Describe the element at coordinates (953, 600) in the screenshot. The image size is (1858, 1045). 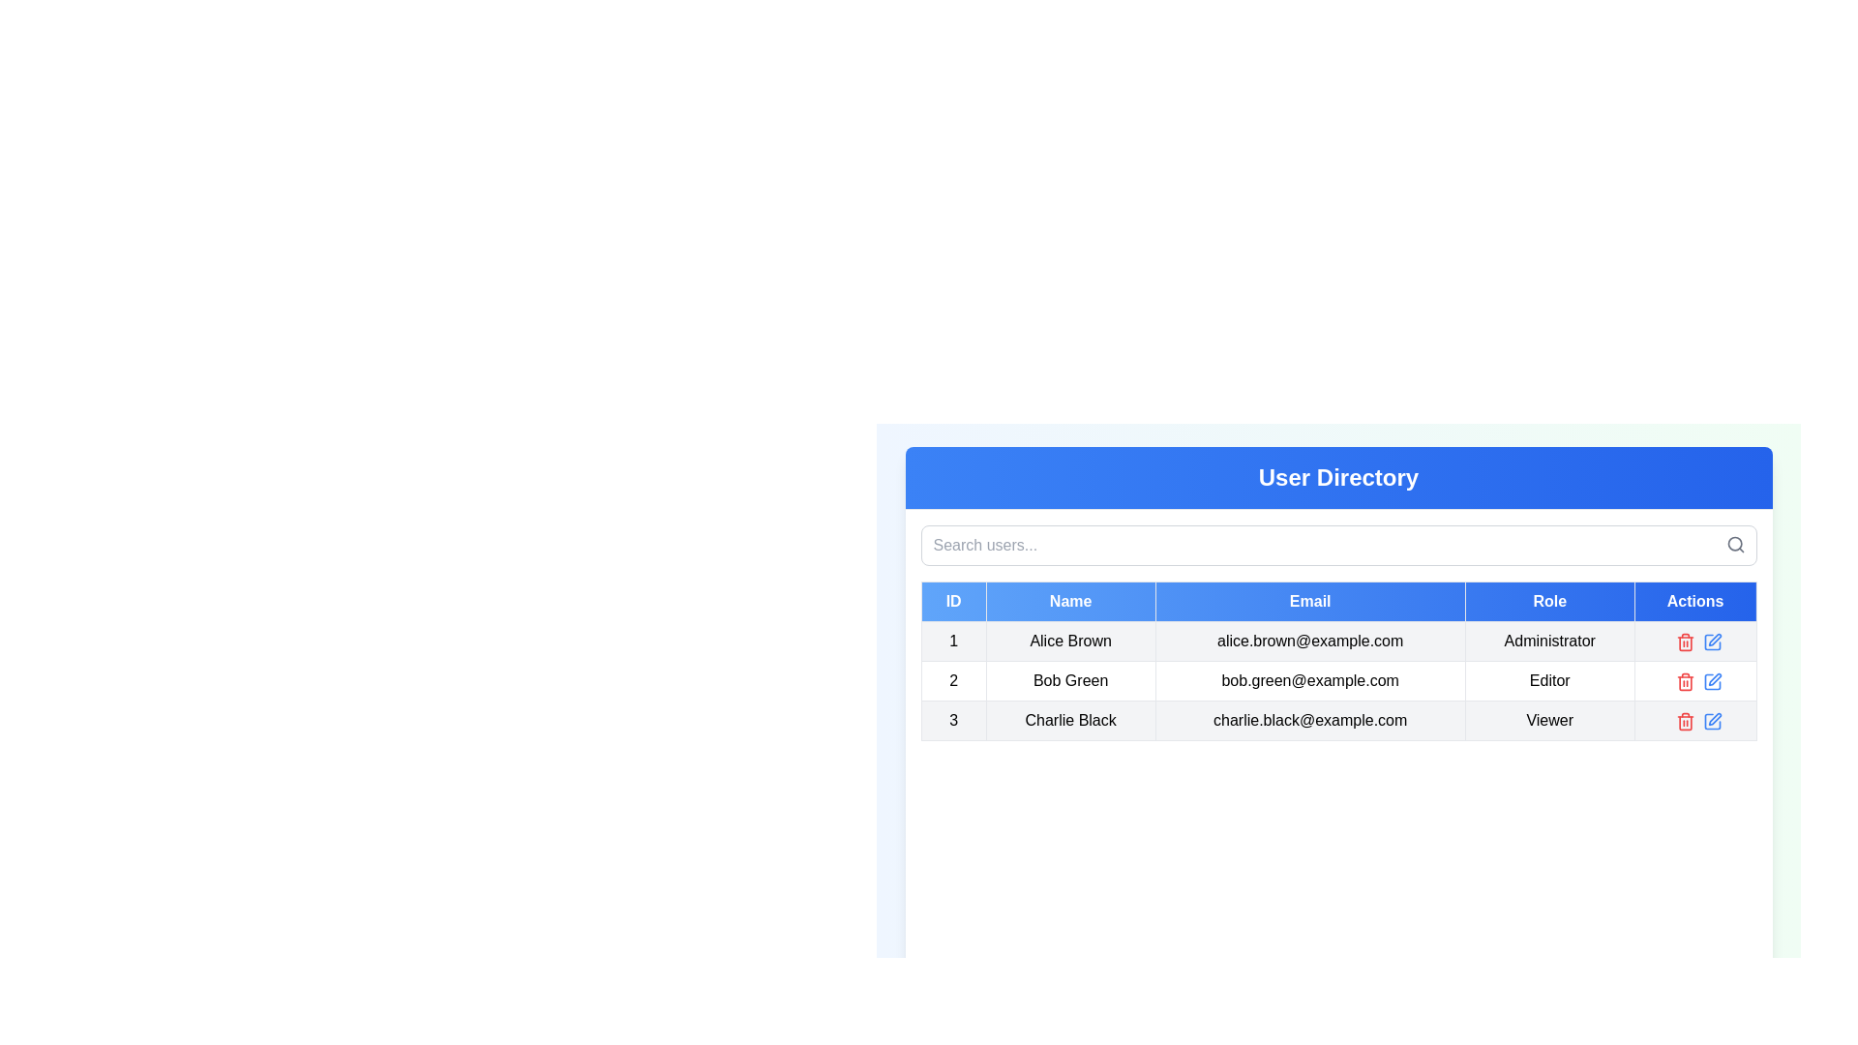
I see `the Table header cell labeled 'ID', which is a rectangular cell with a white font on a blue gradient background, positioned at the start of the header row in a data table` at that location.